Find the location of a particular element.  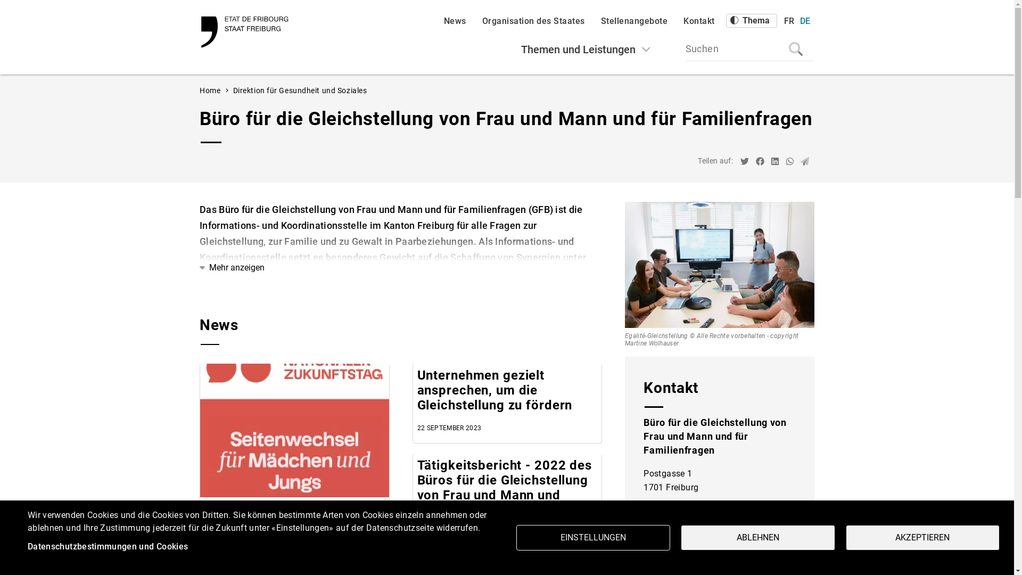

'Thema' is located at coordinates (751, 20).